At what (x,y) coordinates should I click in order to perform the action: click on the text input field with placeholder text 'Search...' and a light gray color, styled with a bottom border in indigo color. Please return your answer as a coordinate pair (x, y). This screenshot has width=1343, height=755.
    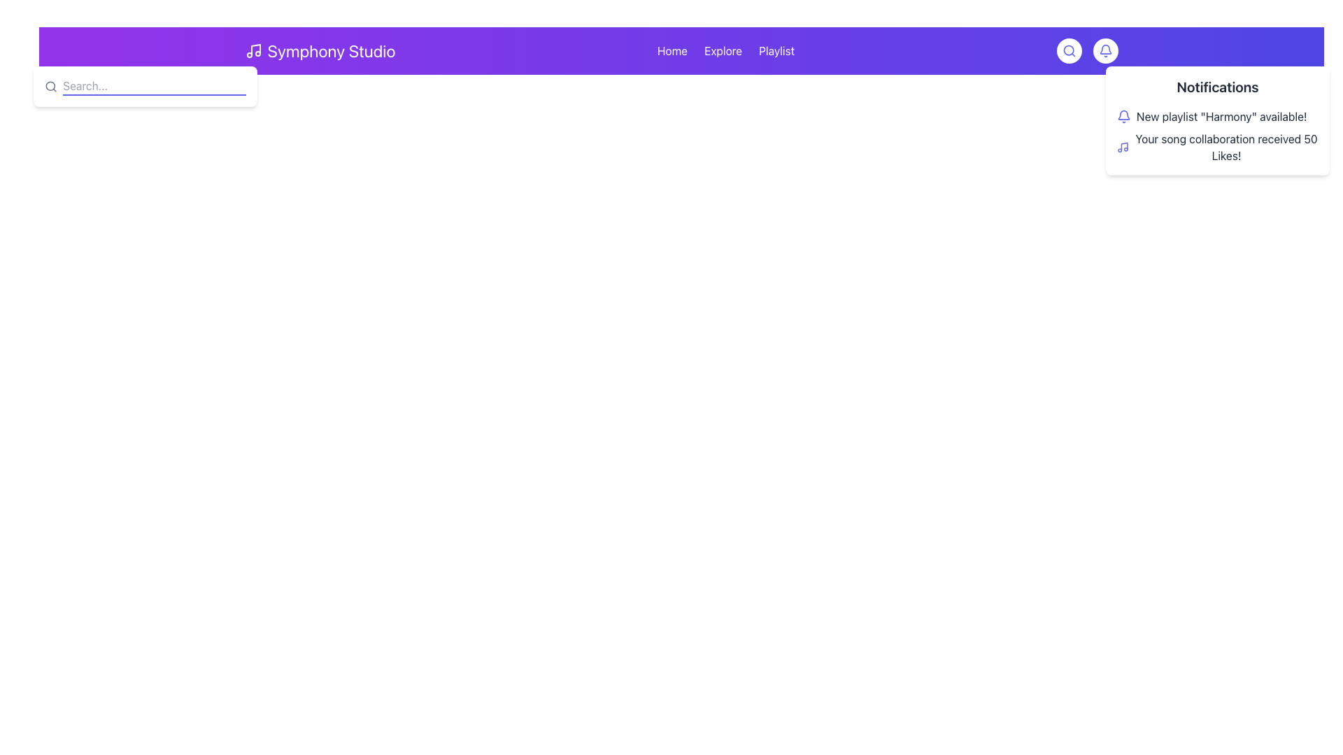
    Looking at the image, I should click on (155, 86).